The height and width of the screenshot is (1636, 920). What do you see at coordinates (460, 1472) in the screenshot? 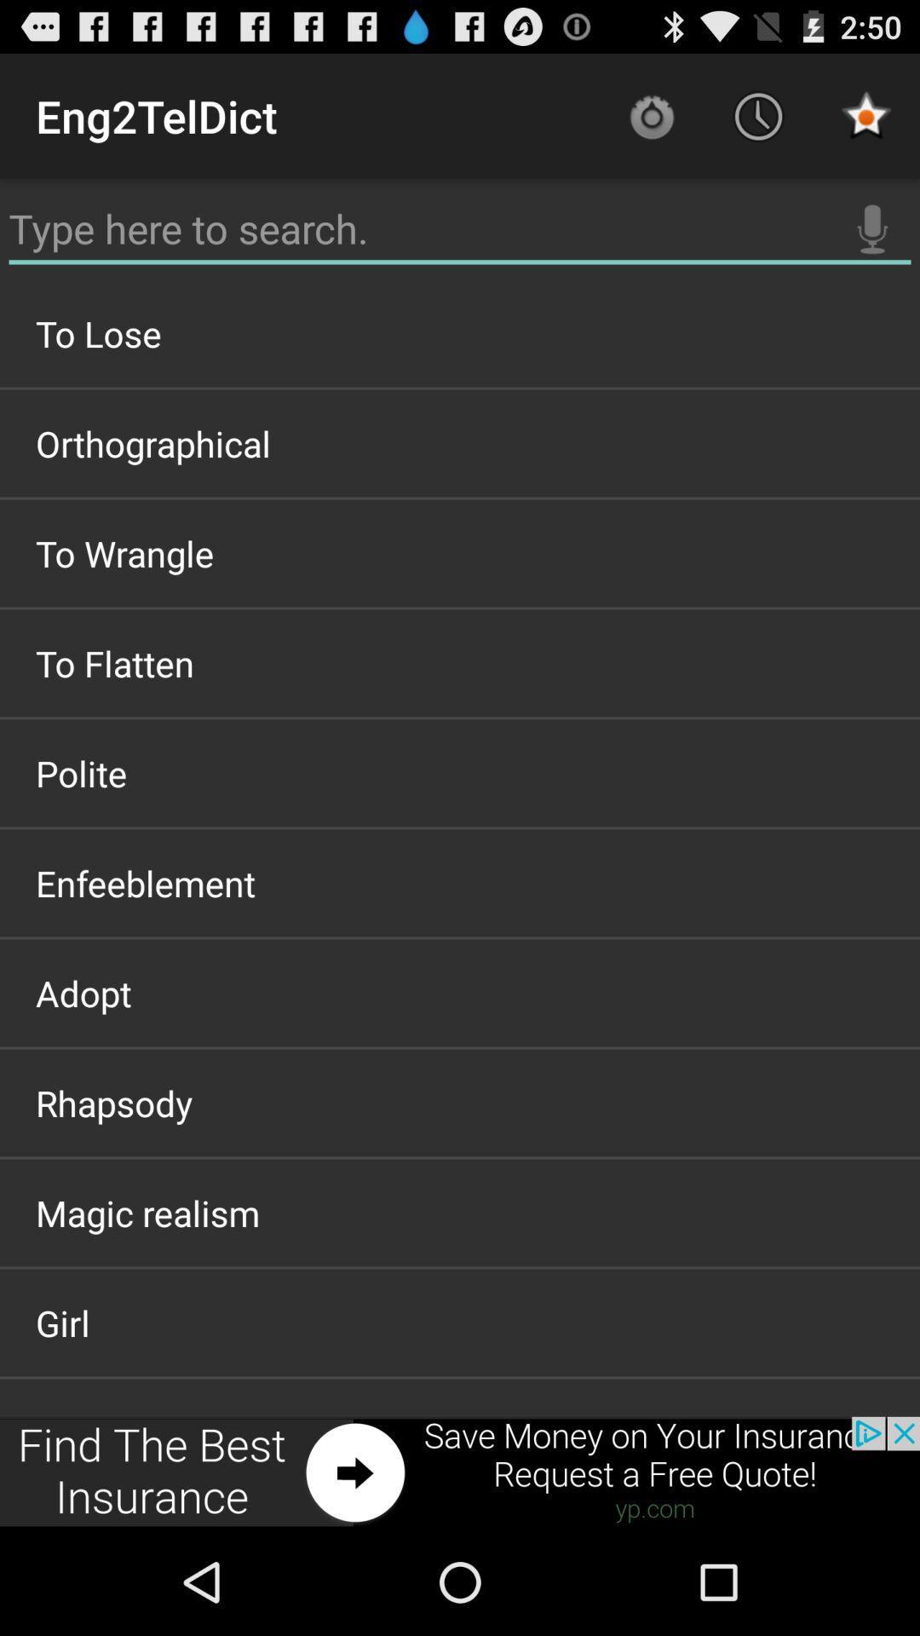
I see `advertising site` at bounding box center [460, 1472].